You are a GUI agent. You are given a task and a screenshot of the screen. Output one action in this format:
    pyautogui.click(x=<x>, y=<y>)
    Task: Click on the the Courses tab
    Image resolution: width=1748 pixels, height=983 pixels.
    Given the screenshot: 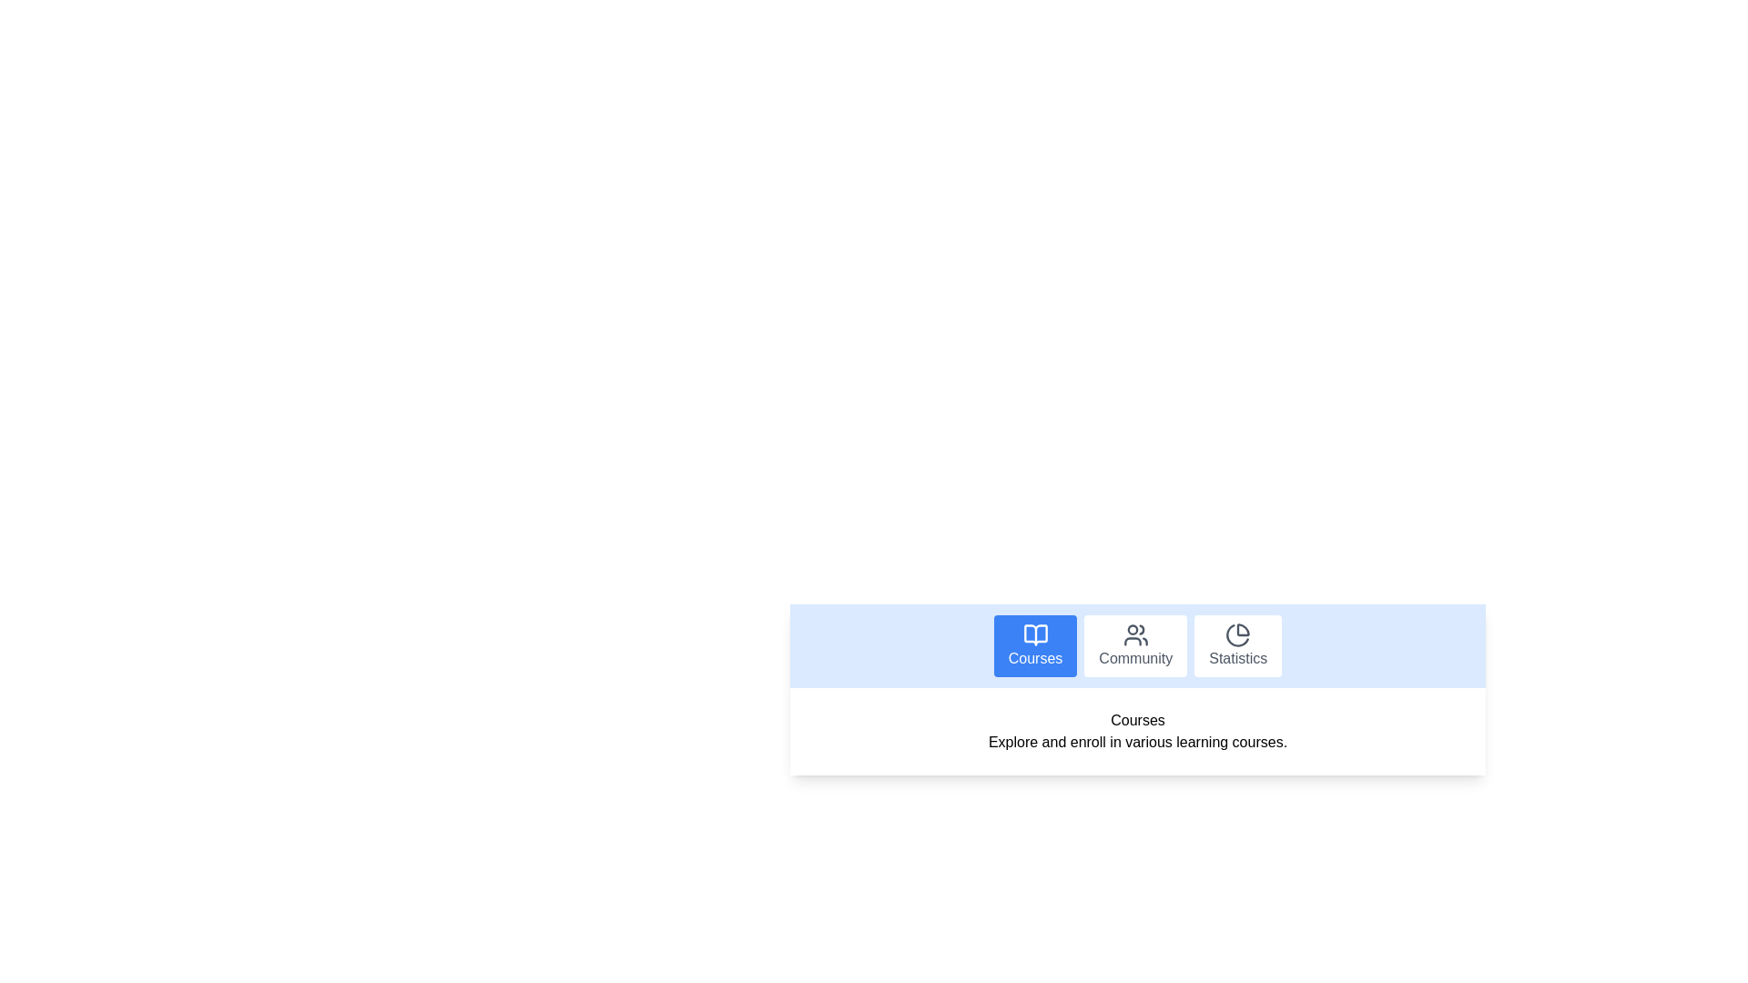 What is the action you would take?
    pyautogui.click(x=1035, y=644)
    